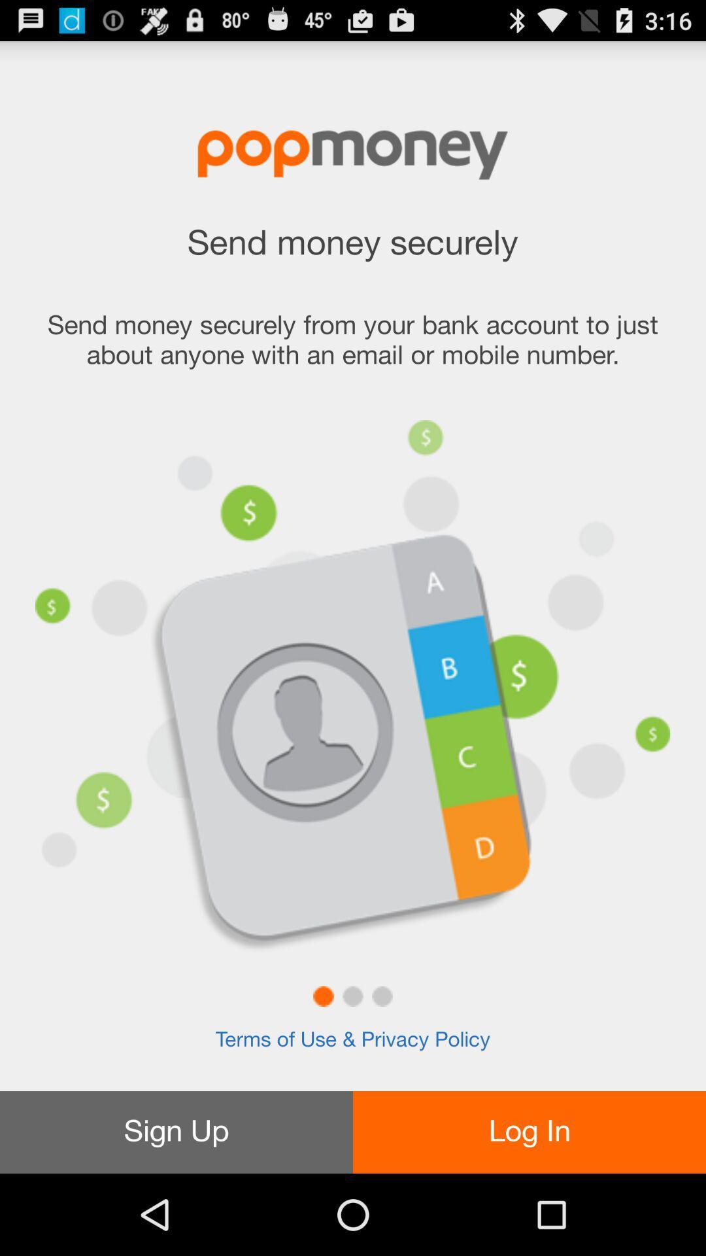  I want to click on icon next to sign up icon, so click(529, 1132).